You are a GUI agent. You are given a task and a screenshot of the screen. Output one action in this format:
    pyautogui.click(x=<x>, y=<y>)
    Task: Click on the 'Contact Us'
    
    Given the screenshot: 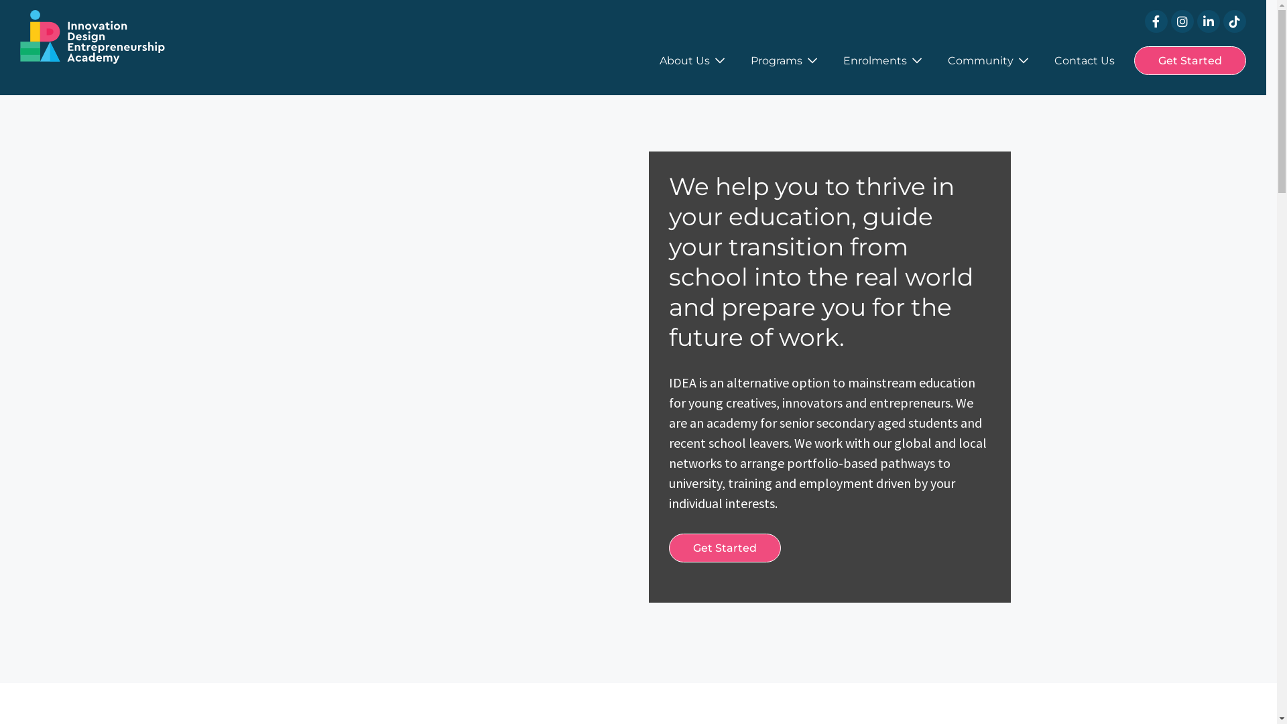 What is the action you would take?
    pyautogui.click(x=1084, y=60)
    